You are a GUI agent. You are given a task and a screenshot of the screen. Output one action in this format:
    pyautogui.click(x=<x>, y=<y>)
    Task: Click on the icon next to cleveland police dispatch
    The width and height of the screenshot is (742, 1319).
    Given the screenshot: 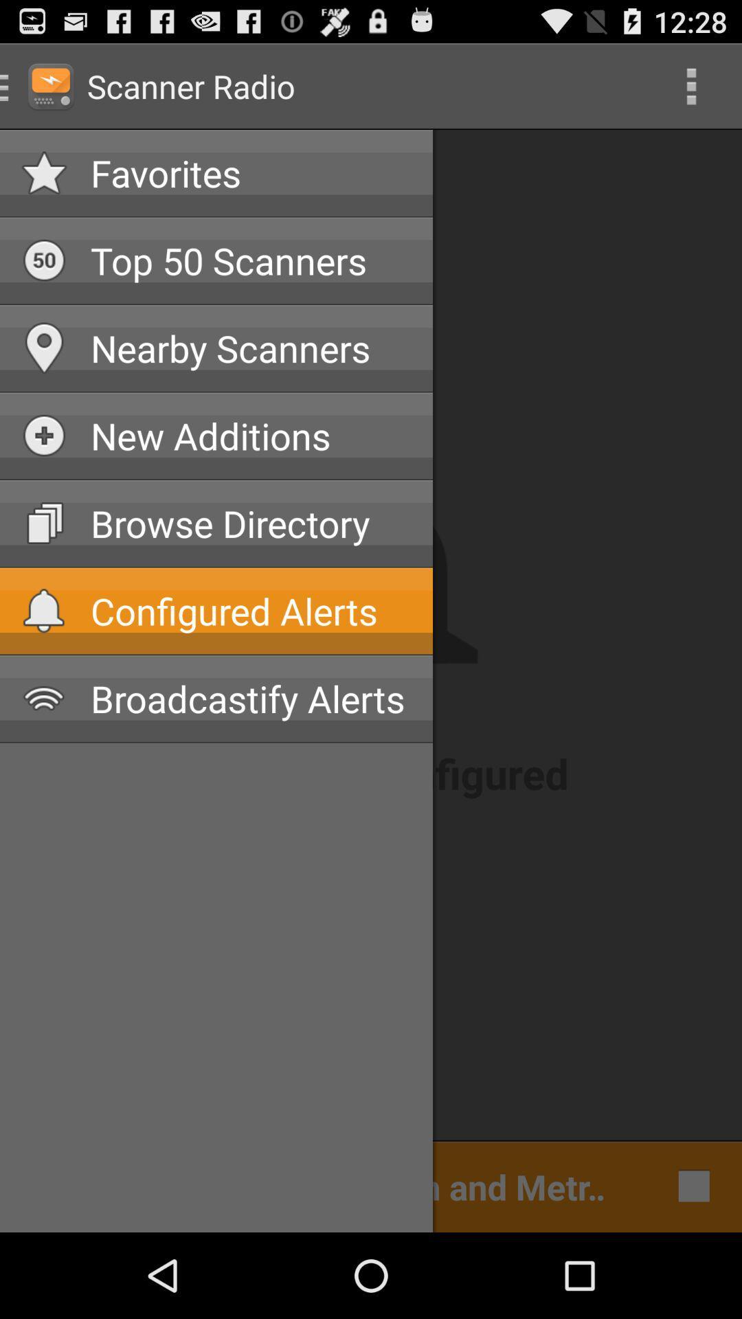 What is the action you would take?
    pyautogui.click(x=690, y=1185)
    